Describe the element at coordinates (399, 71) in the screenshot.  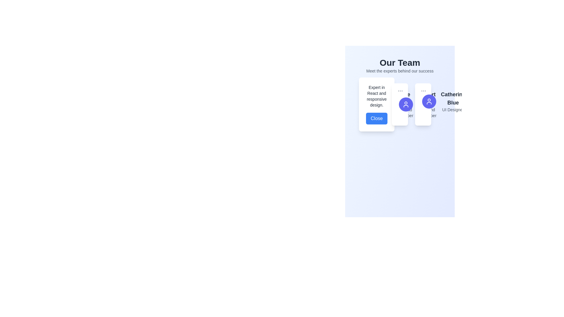
I see `the static text label reading 'Meet the experts behind our success', which is positioned directly below the heading 'Our Team'` at that location.